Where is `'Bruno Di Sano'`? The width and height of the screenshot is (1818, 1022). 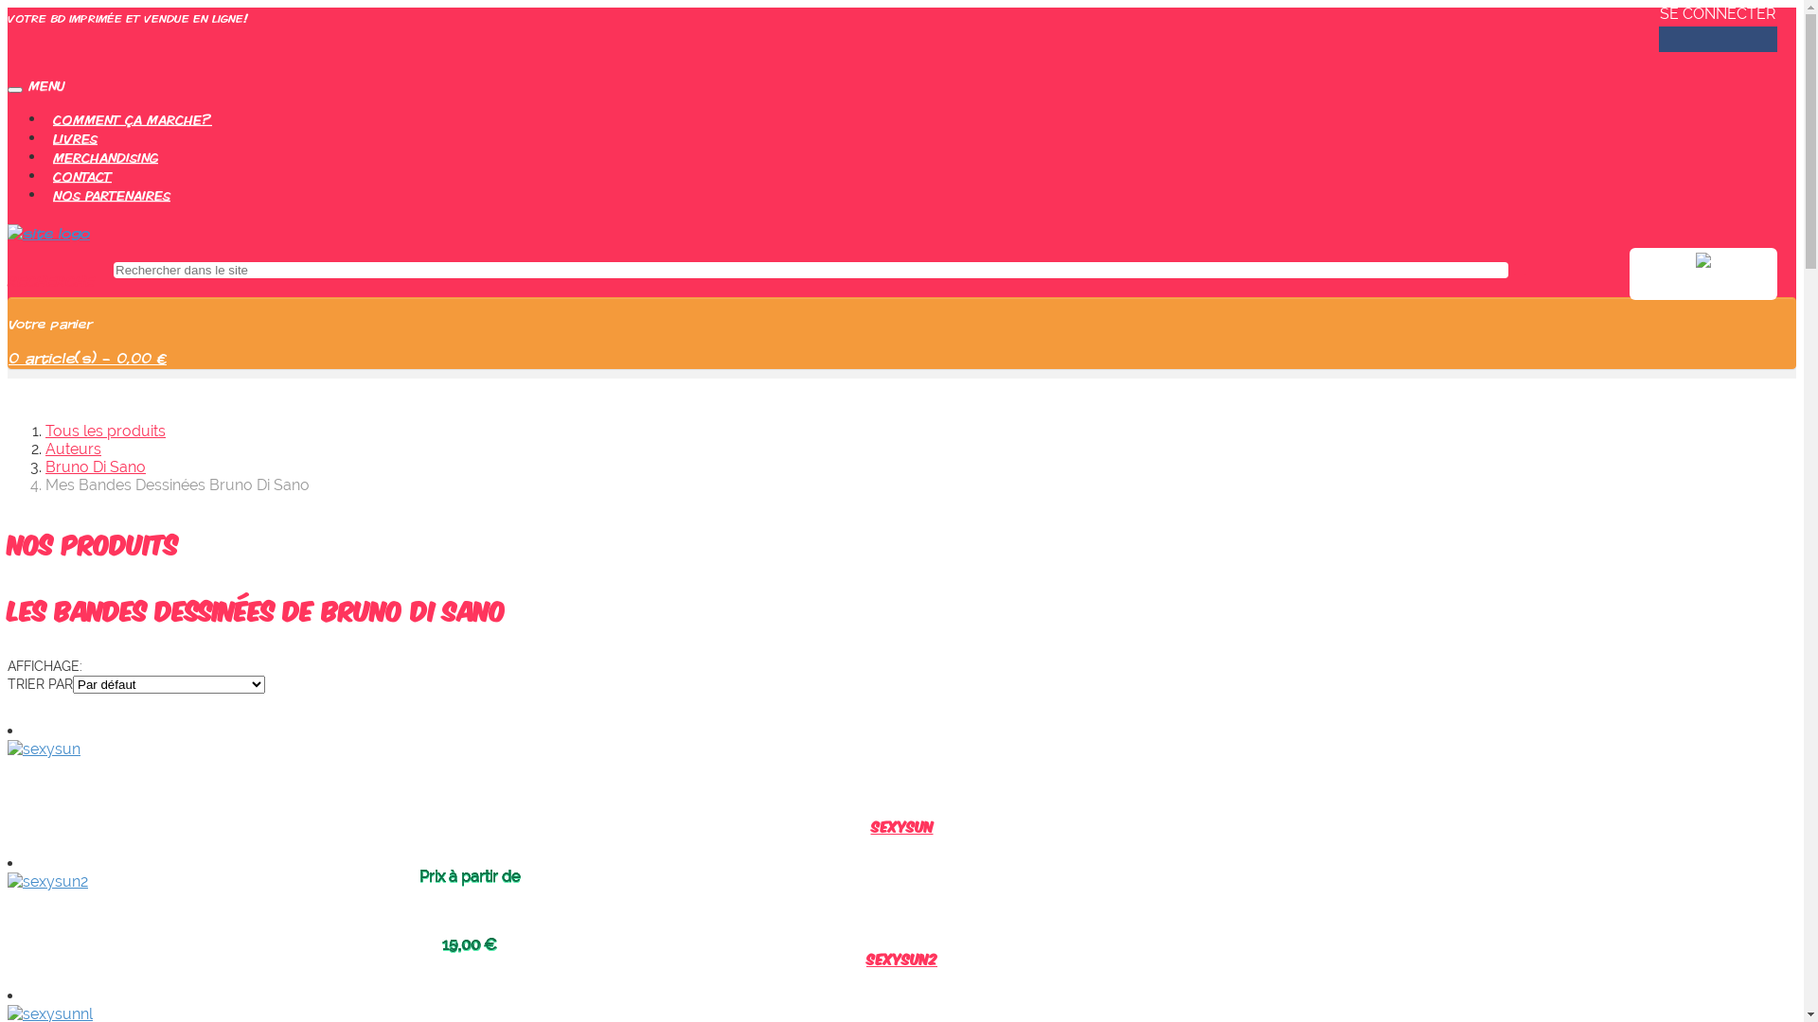 'Bruno Di Sano' is located at coordinates (94, 467).